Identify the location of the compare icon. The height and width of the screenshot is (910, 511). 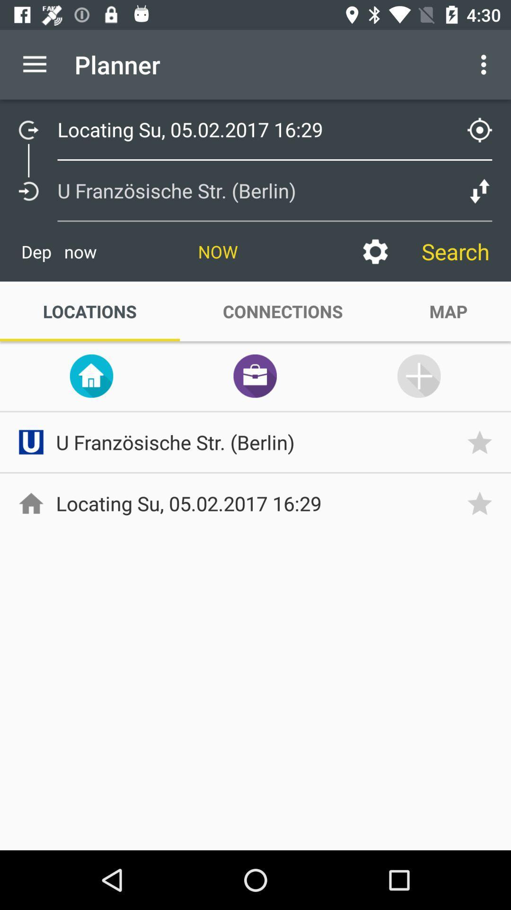
(480, 191).